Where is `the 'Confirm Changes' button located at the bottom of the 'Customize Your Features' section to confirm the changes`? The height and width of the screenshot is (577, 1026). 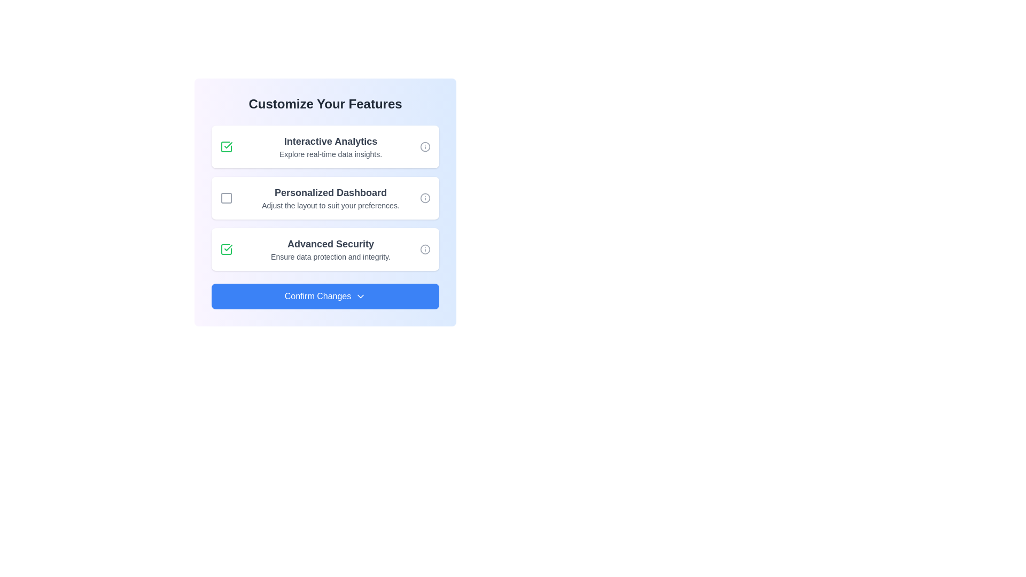
the 'Confirm Changes' button located at the bottom of the 'Customize Your Features' section to confirm the changes is located at coordinates (325, 297).